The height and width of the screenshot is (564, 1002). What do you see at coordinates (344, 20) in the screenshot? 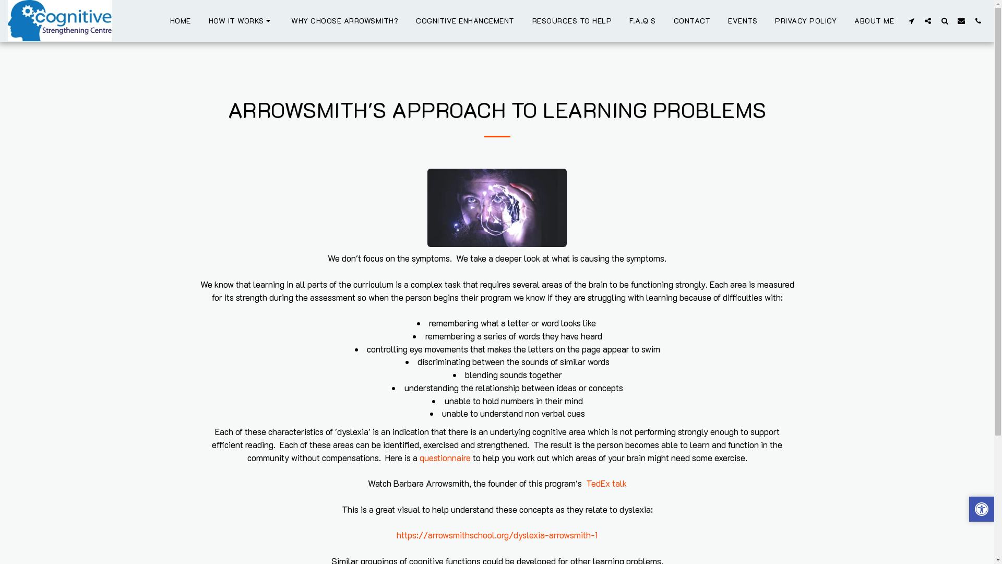
I see `'WHY CHOOSE ARROWSMITH?'` at bounding box center [344, 20].